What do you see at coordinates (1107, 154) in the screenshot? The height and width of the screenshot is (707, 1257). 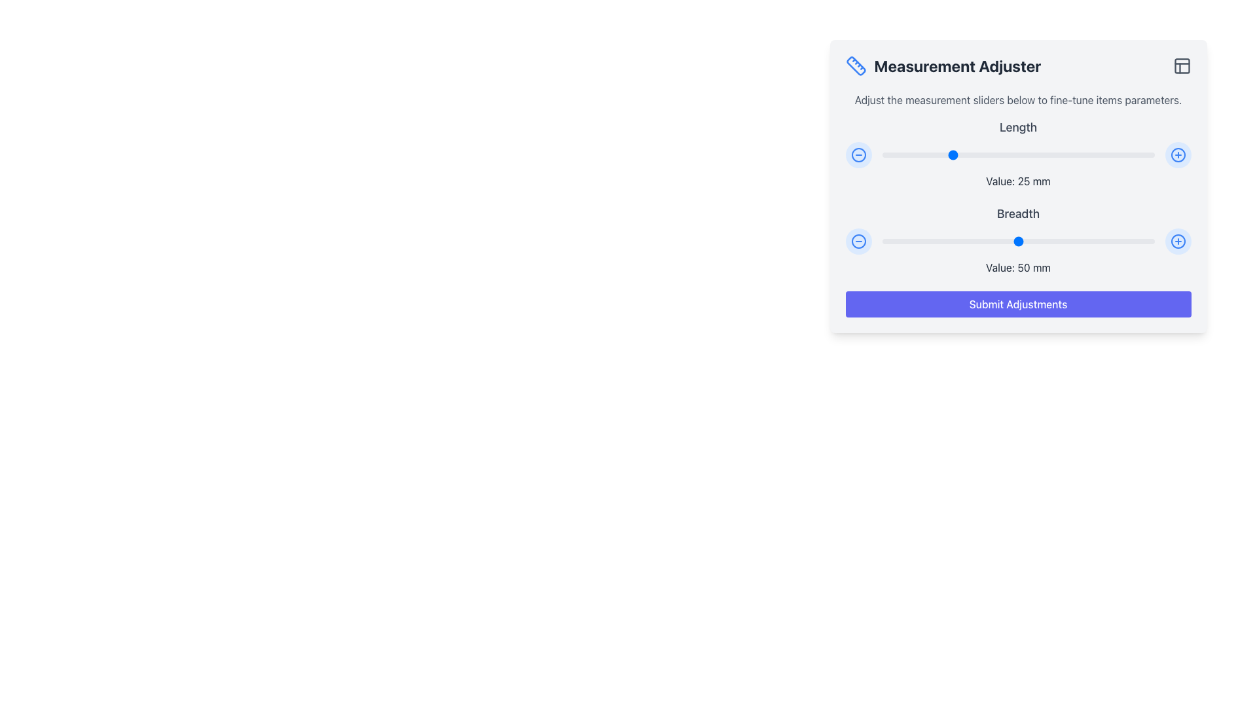 I see `the length` at bounding box center [1107, 154].